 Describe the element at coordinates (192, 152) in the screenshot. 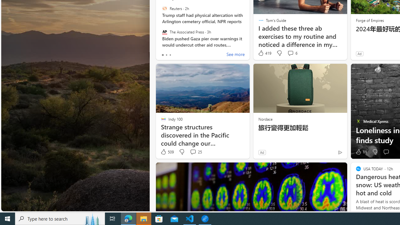

I see `'View comments 25 Comment'` at that location.